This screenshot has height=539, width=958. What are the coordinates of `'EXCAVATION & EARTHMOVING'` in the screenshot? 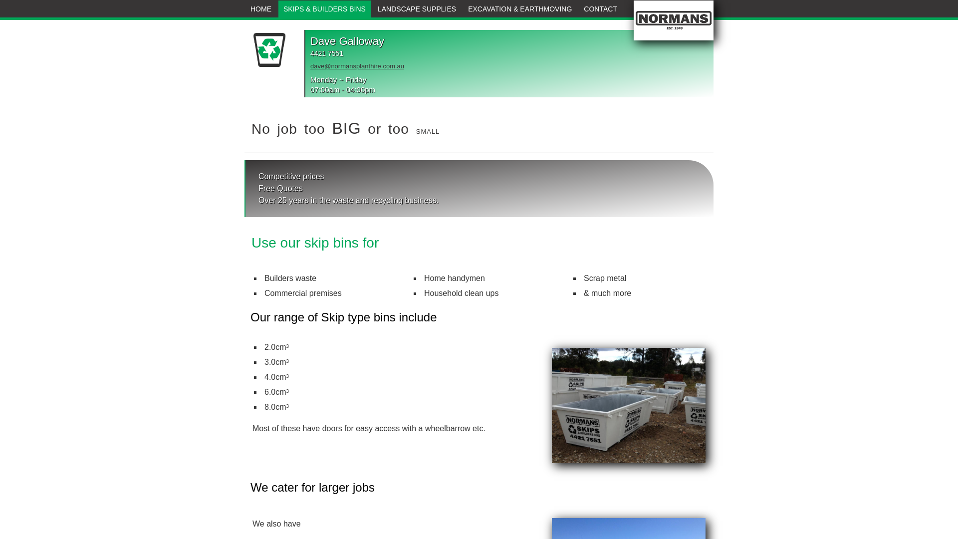 It's located at (462, 9).